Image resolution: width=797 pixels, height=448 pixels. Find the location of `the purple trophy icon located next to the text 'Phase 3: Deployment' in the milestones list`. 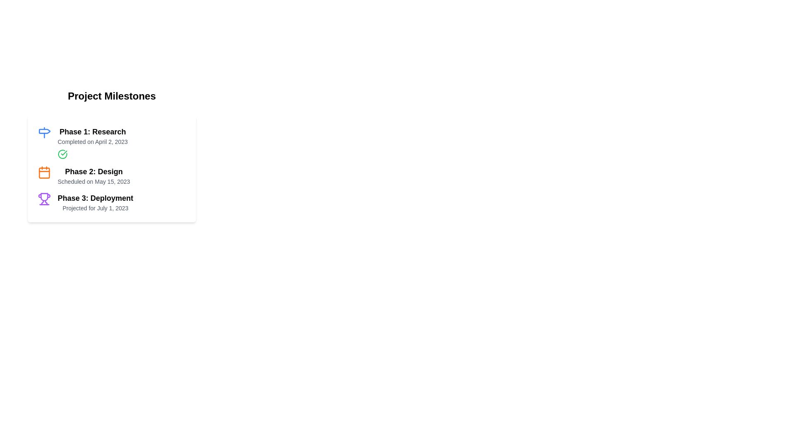

the purple trophy icon located next to the text 'Phase 3: Deployment' in the milestones list is located at coordinates (44, 199).